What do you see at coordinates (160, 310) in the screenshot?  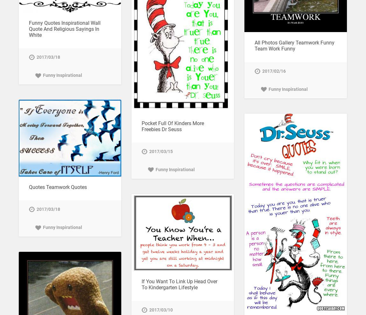 I see `'2017/03/10'` at bounding box center [160, 310].